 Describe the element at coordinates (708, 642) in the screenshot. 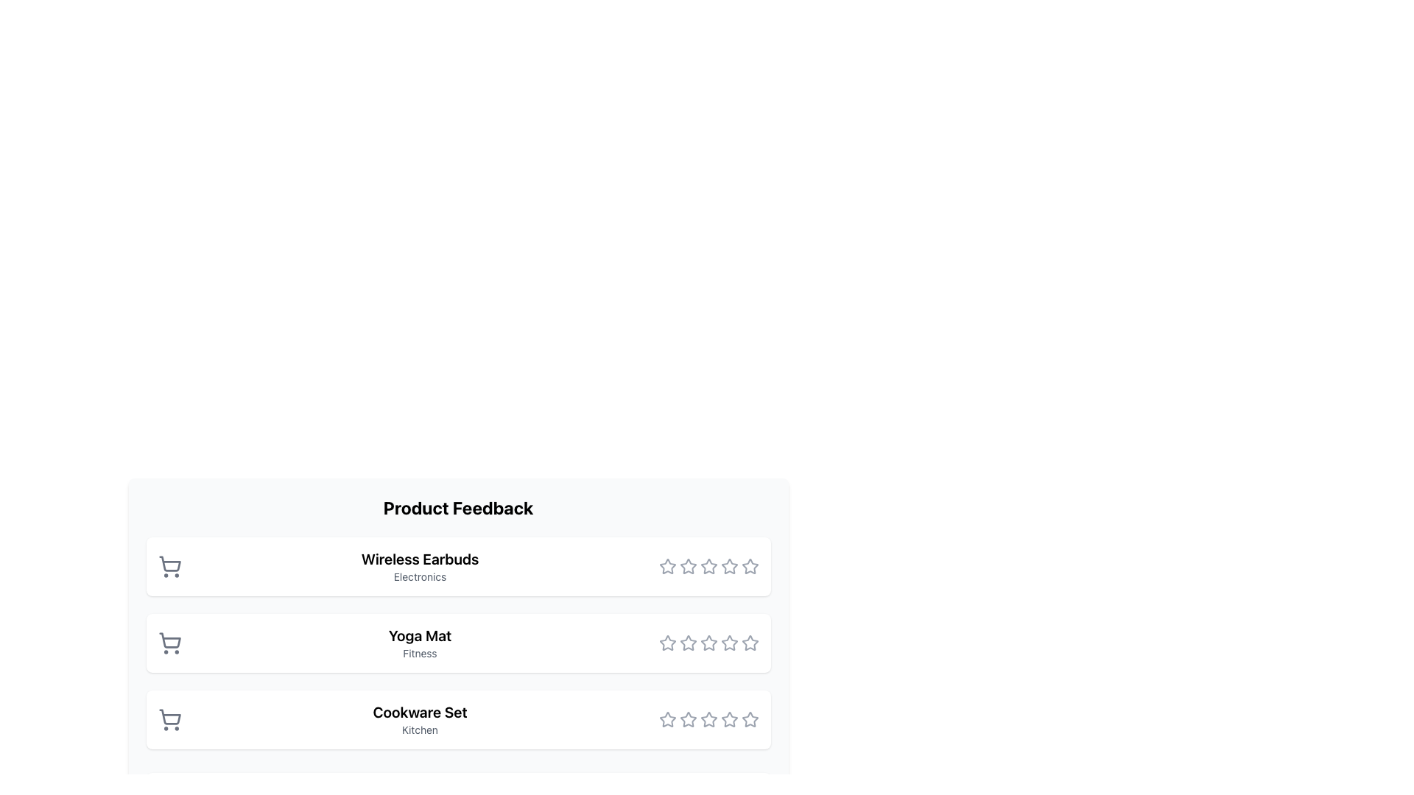

I see `the fourth star in the Rating star component for the 'Yoga Mat' item in the 'Product Feedback' section` at that location.